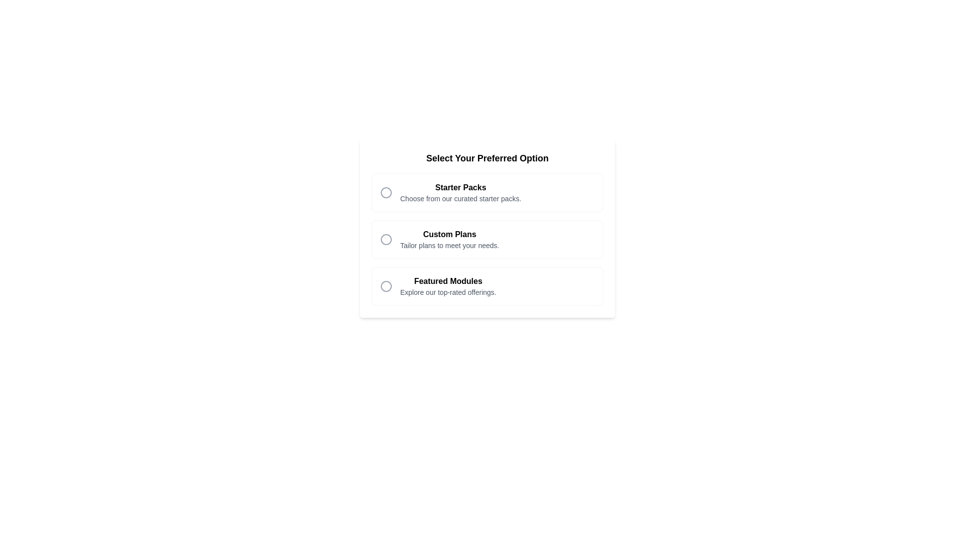 The height and width of the screenshot is (538, 957). Describe the element at coordinates (385, 286) in the screenshot. I see `the state of the circular icon located in the third row of options under the 'Featured Modules' title` at that location.